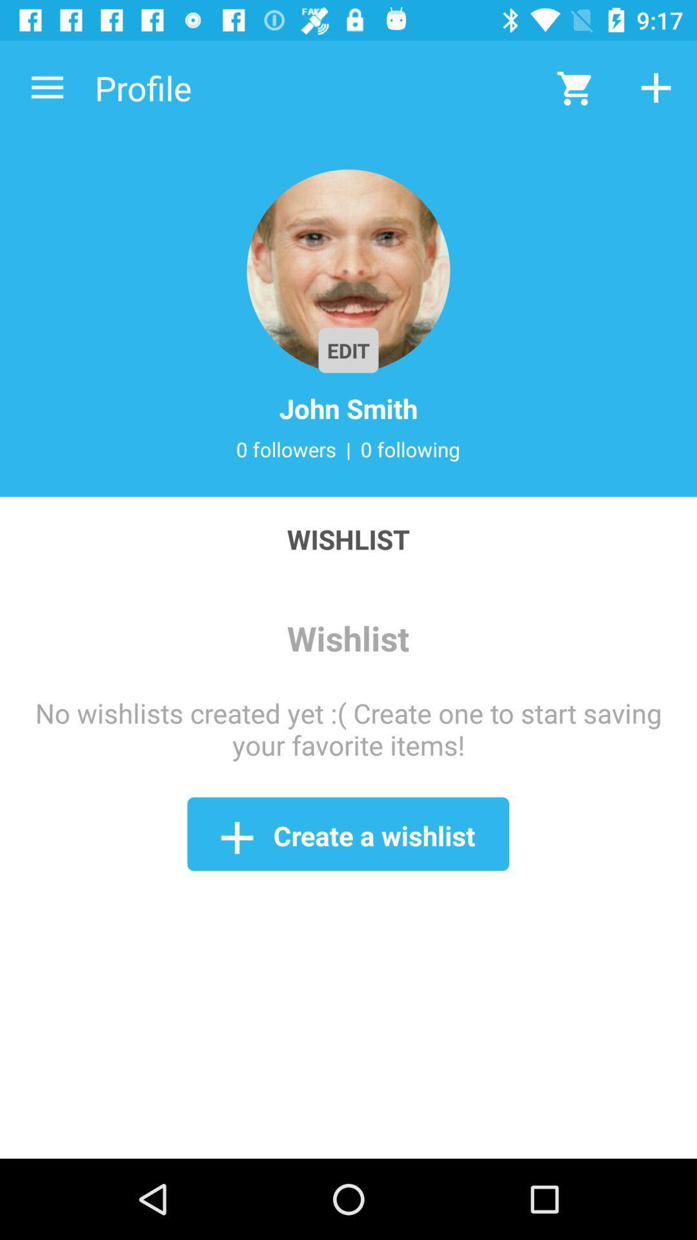  Describe the element at coordinates (348, 408) in the screenshot. I see `the john smith icon` at that location.